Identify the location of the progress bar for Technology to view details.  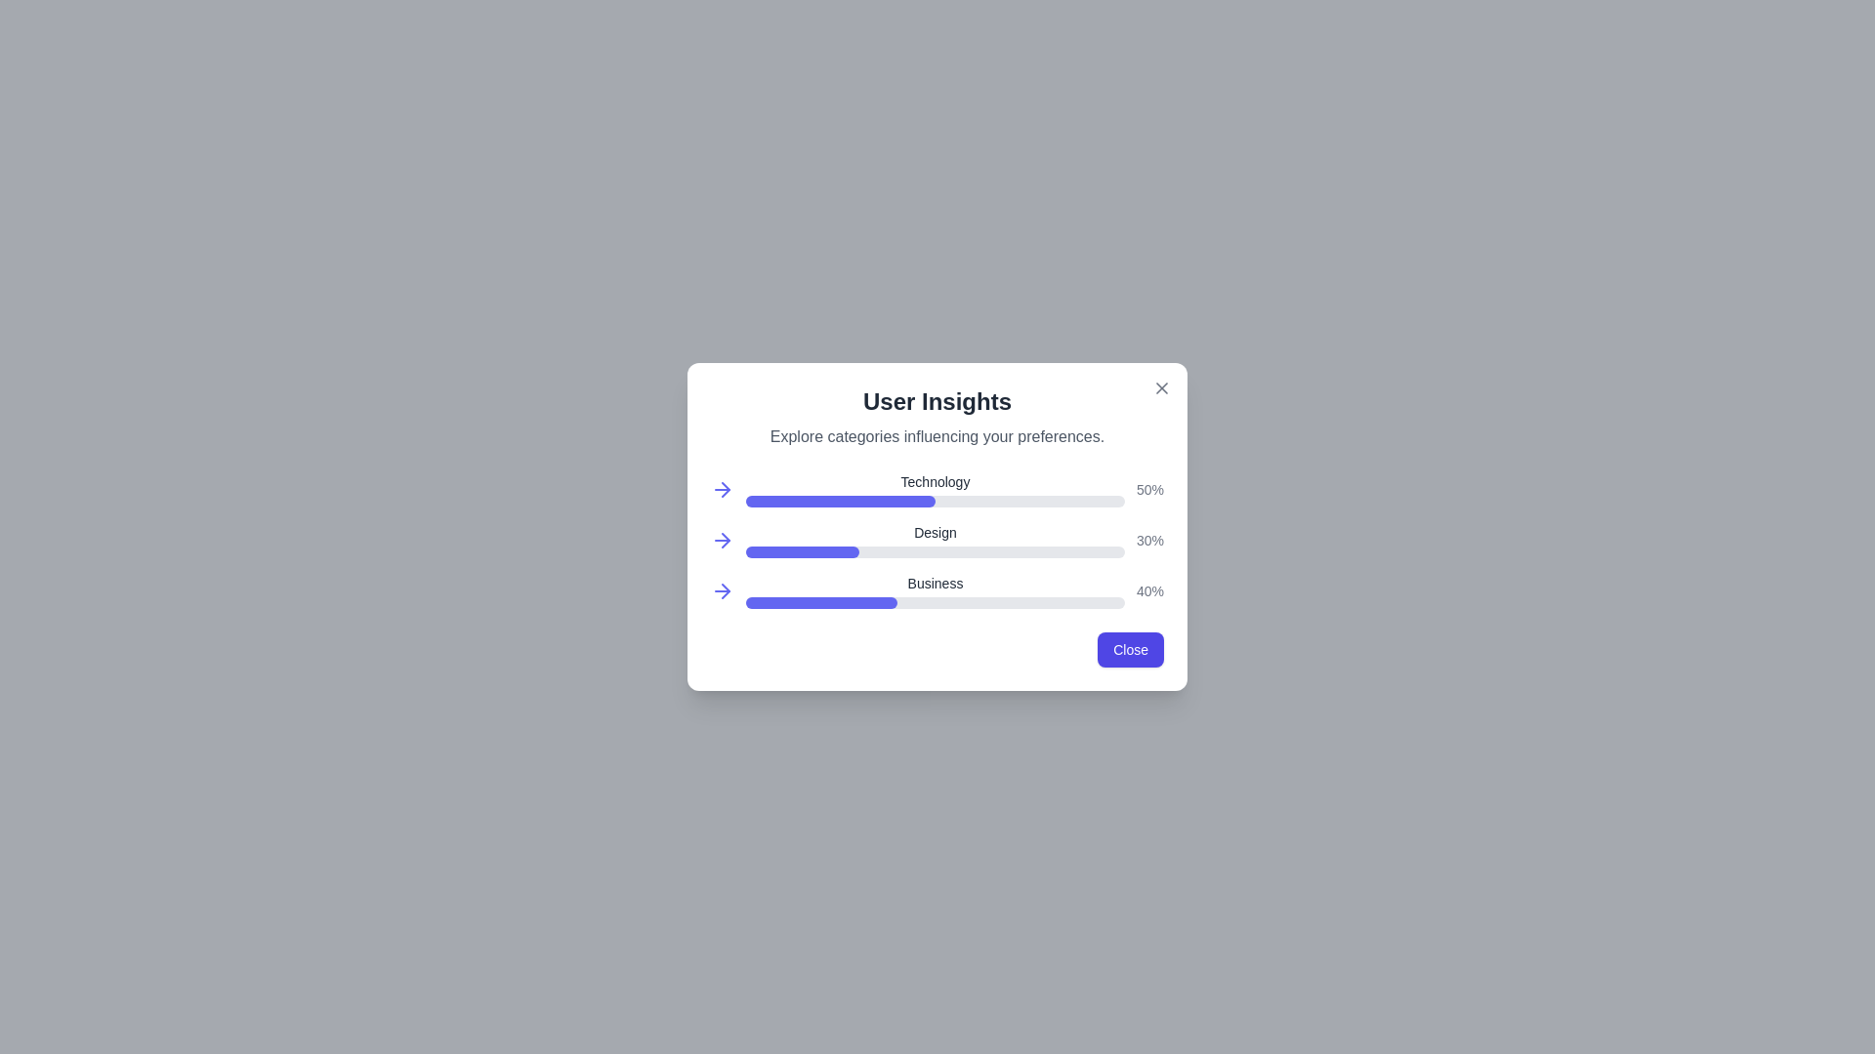
(839, 488).